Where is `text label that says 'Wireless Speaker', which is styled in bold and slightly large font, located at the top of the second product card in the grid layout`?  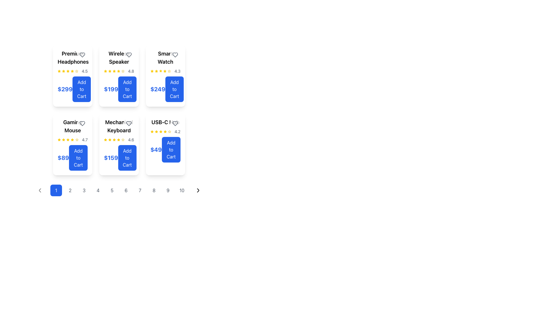
text label that says 'Wireless Speaker', which is styled in bold and slightly large font, located at the top of the second product card in the grid layout is located at coordinates (118, 58).